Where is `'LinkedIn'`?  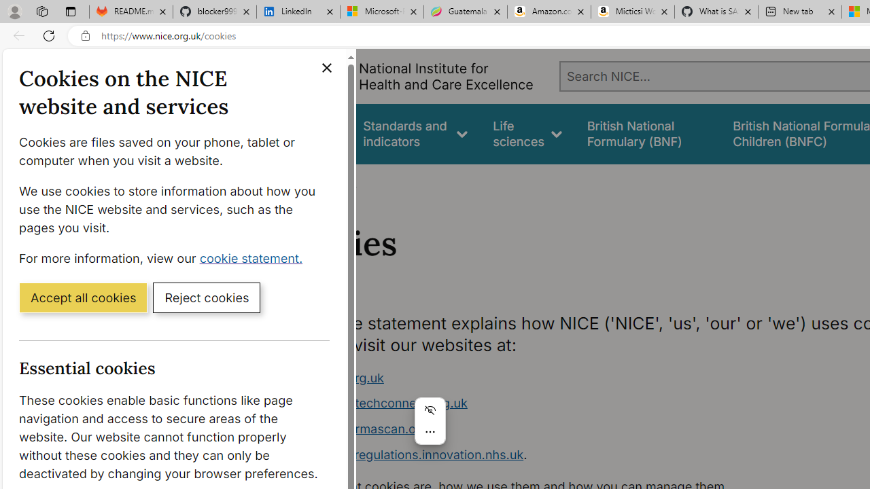 'LinkedIn' is located at coordinates (298, 12).